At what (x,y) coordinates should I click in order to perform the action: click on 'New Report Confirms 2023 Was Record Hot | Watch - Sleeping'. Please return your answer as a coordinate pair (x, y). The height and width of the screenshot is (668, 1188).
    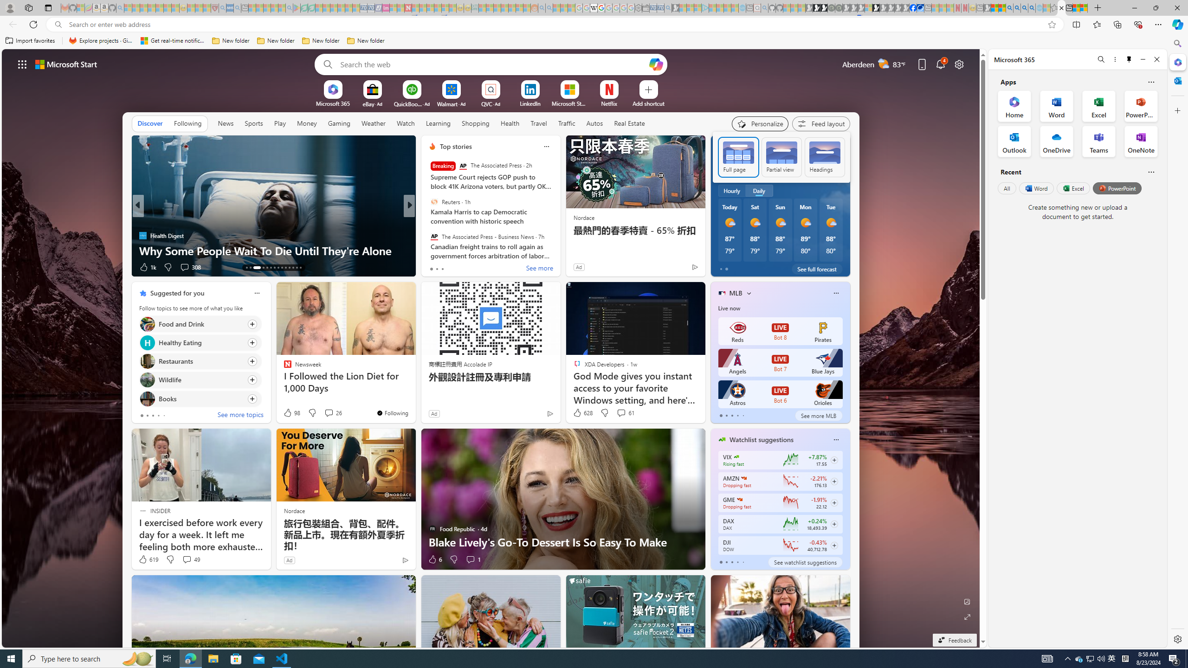
    Looking at the image, I should click on (159, 7).